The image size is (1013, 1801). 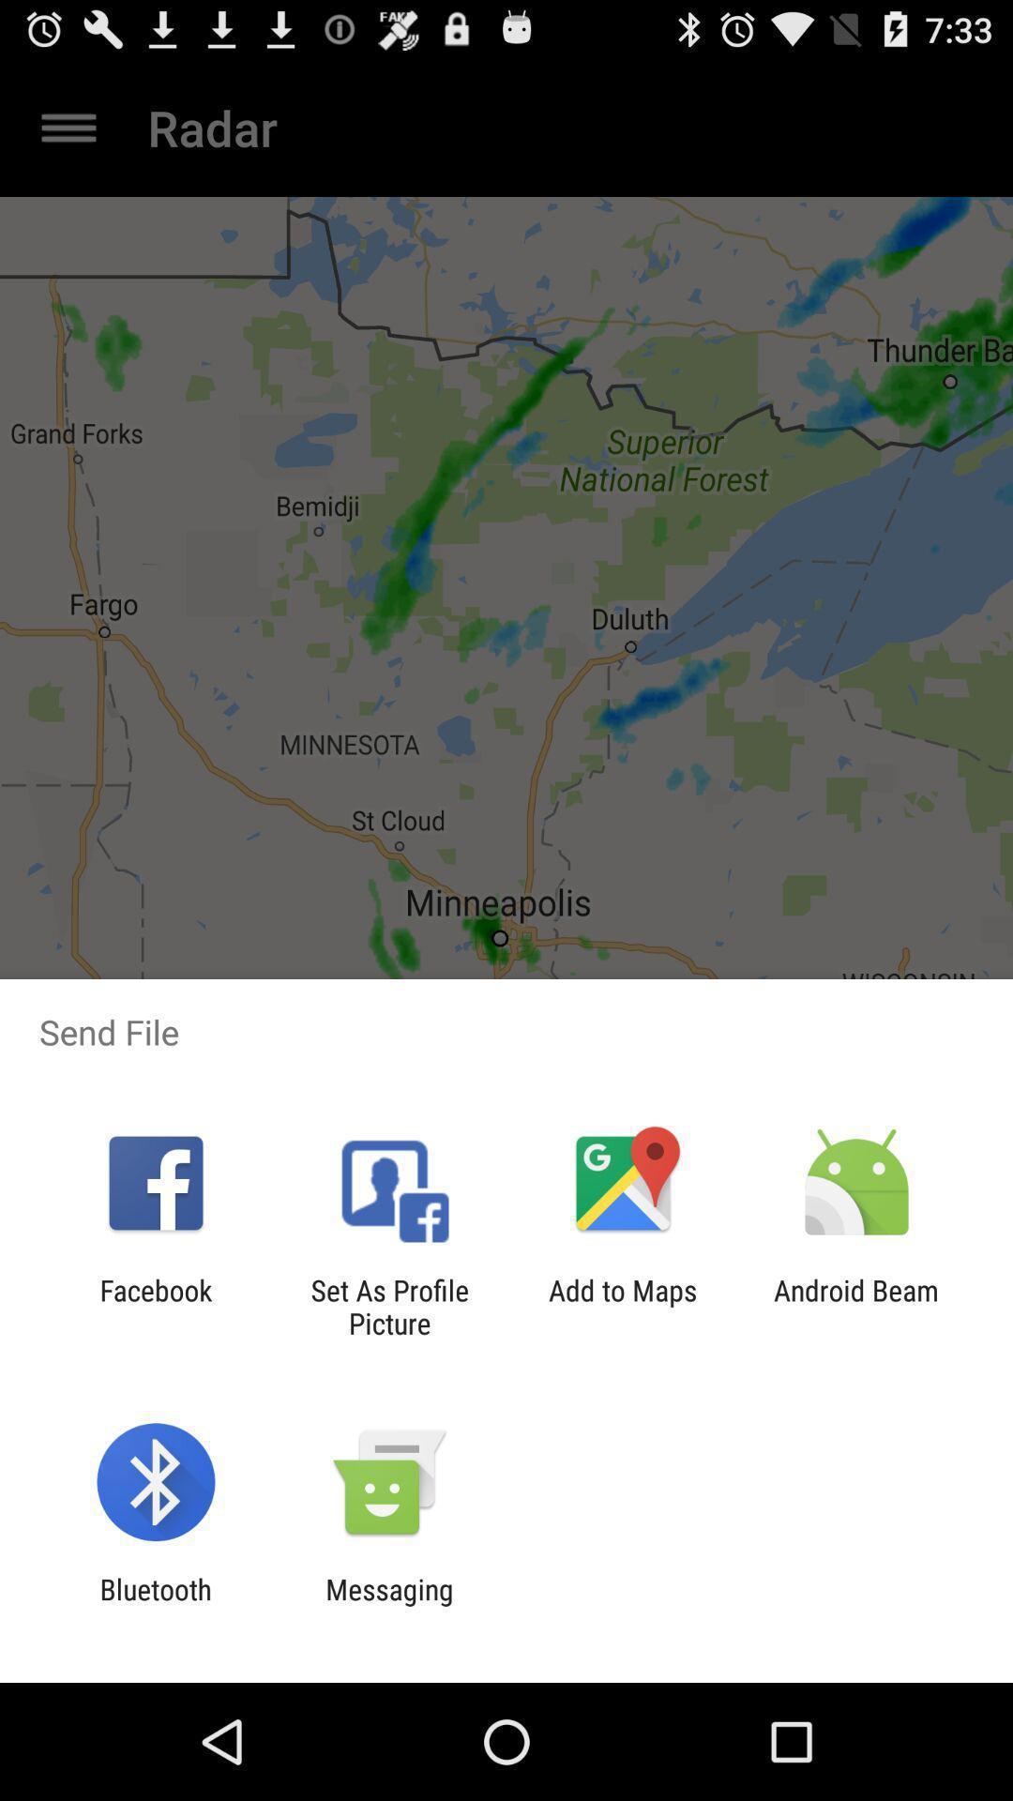 What do you see at coordinates (623, 1306) in the screenshot?
I see `the add to maps app` at bounding box center [623, 1306].